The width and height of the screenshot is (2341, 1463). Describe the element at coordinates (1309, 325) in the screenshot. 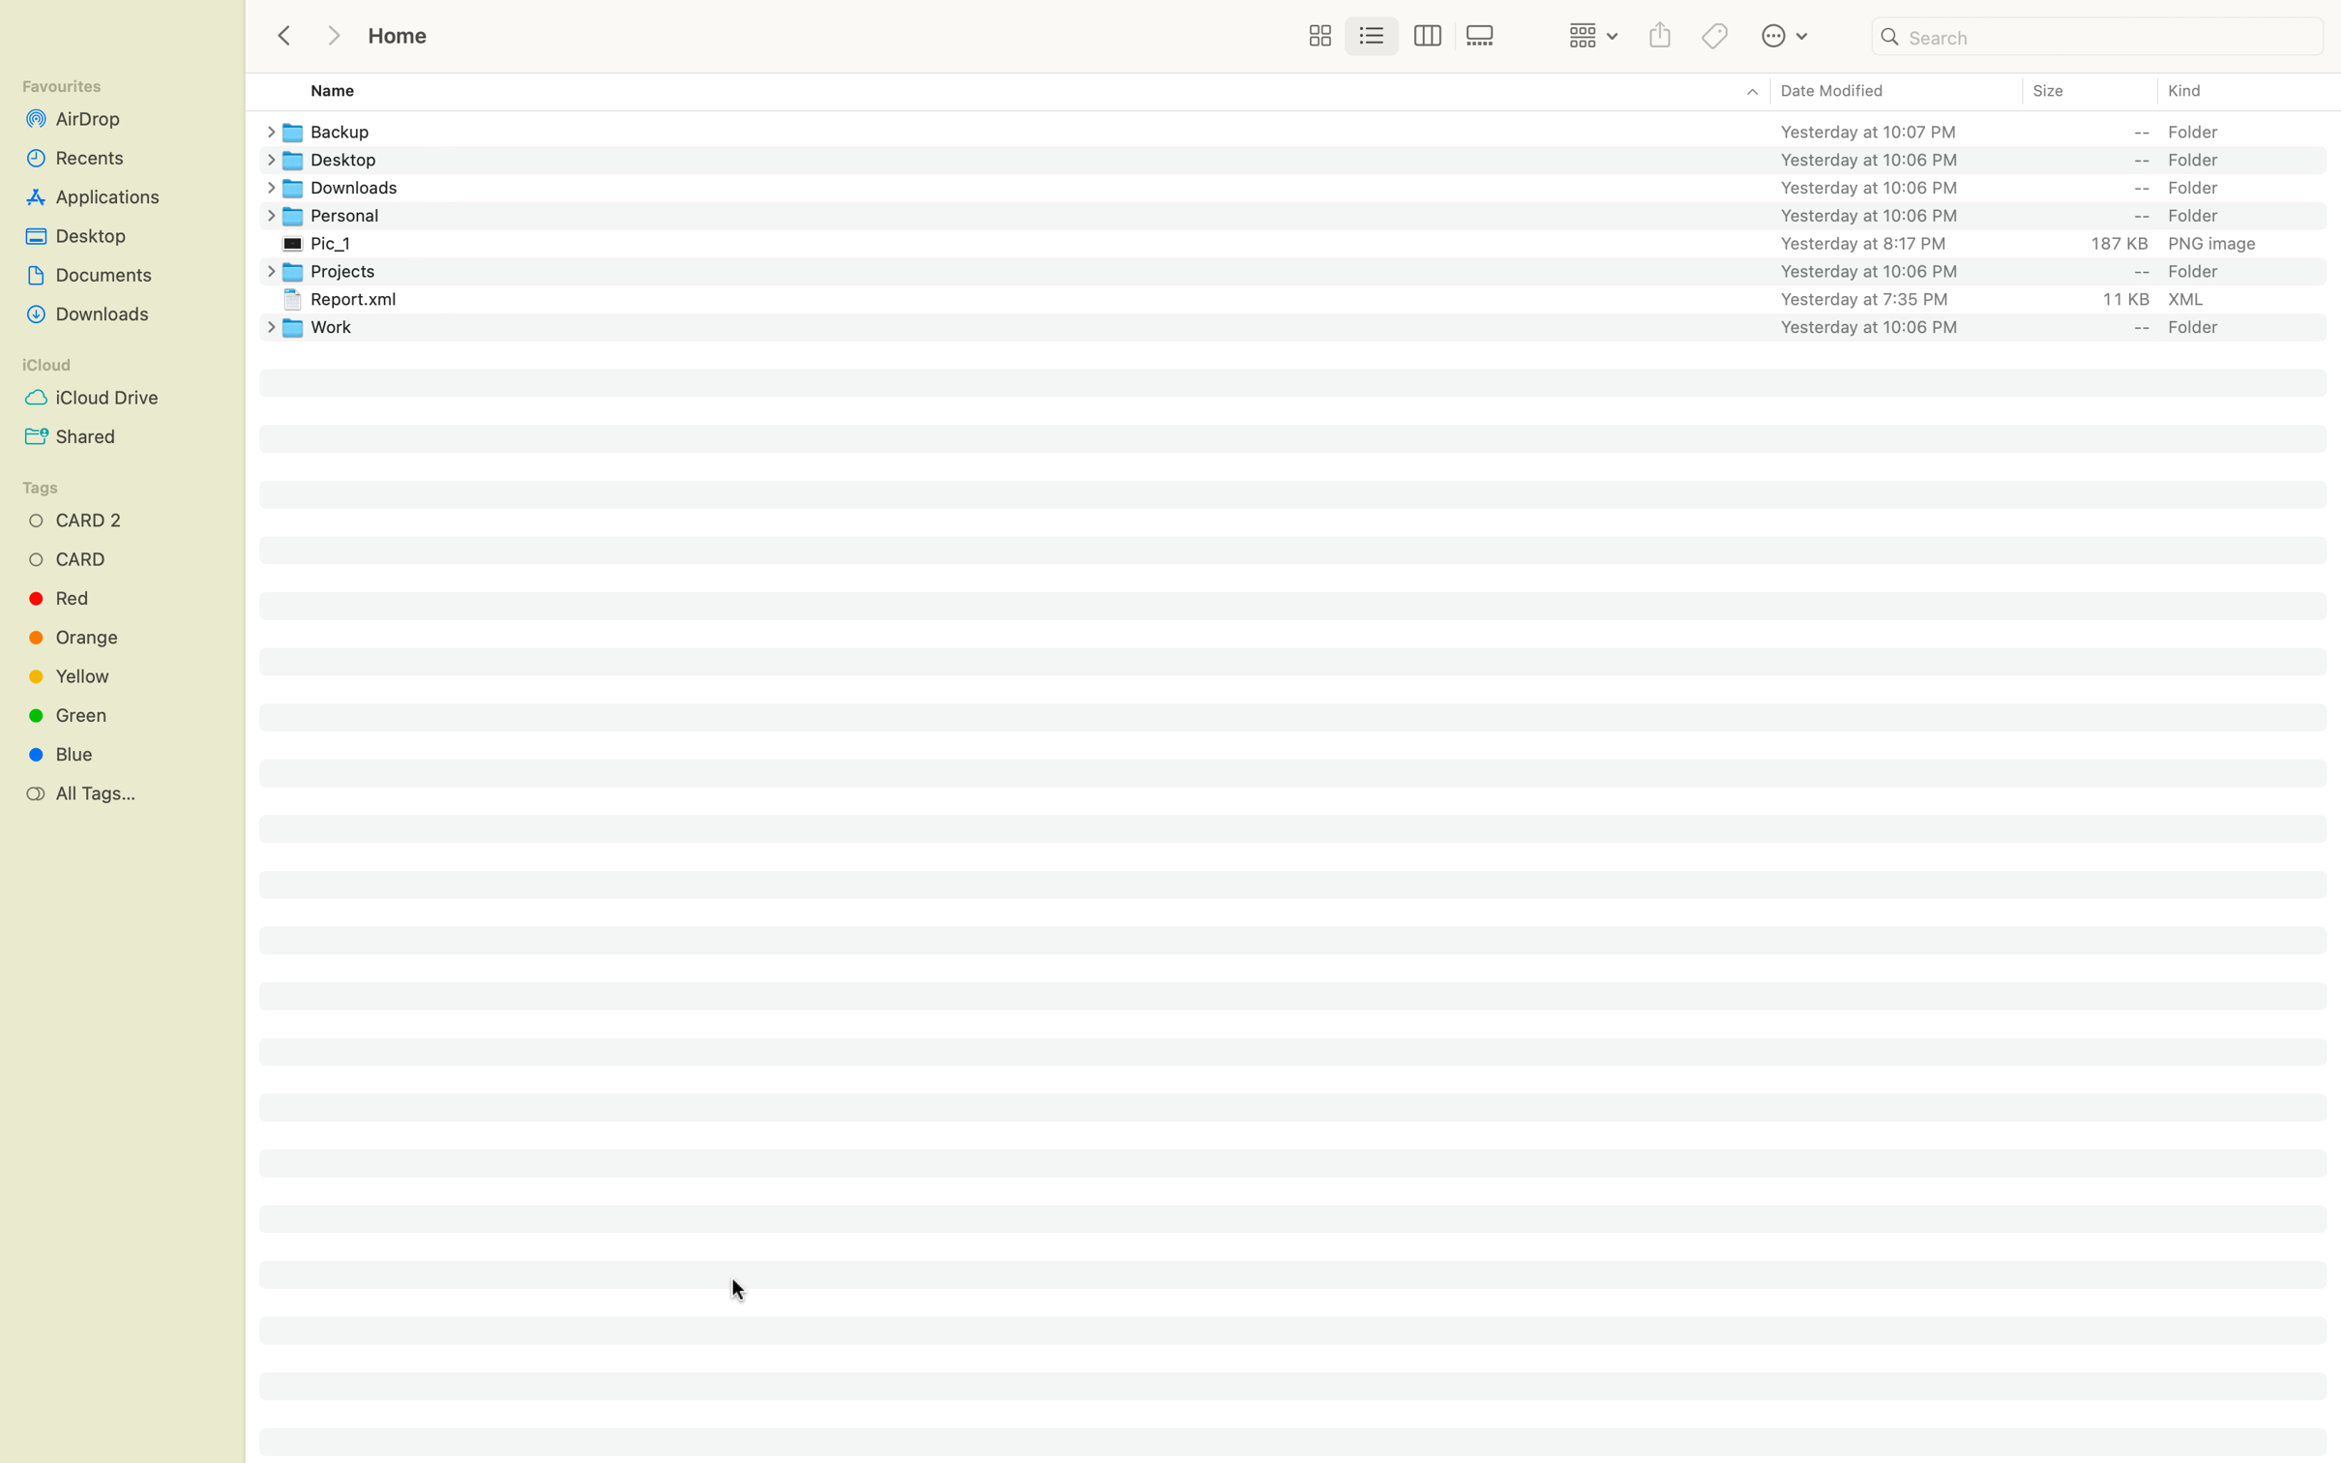

I see `Delete the last folder in the list using right click` at that location.